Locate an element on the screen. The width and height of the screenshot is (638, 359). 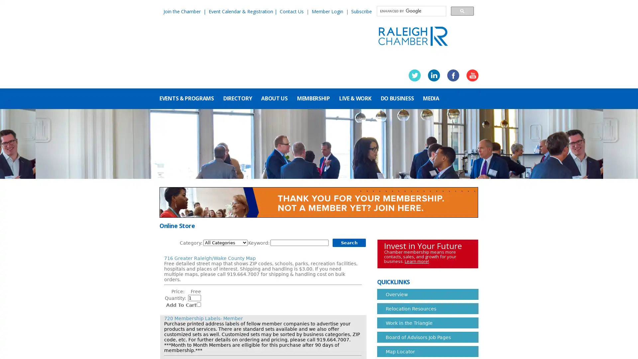
search is located at coordinates (462, 11).